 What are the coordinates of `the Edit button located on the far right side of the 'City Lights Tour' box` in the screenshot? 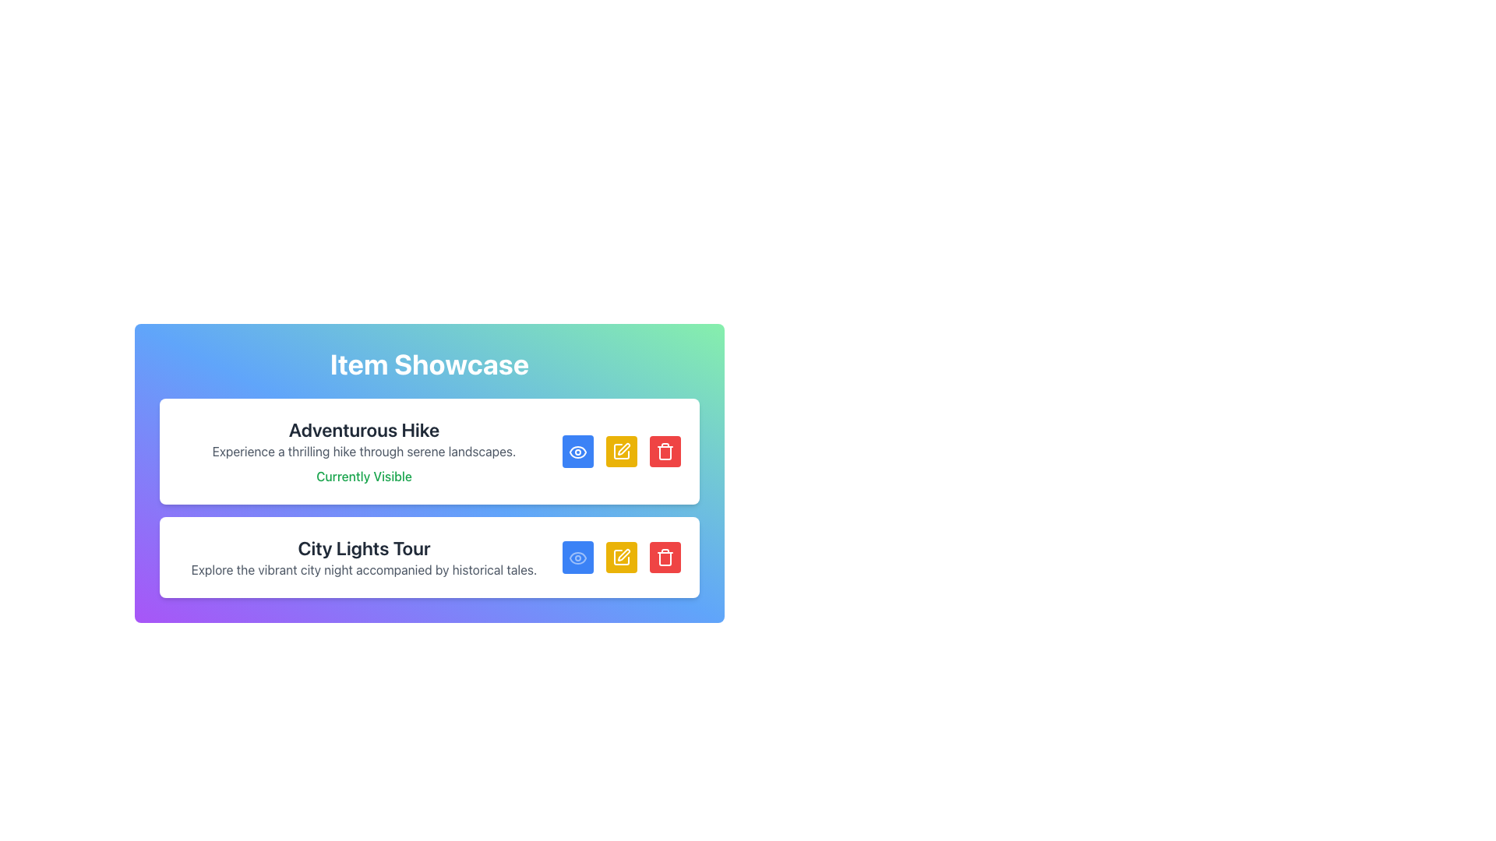 It's located at (620, 557).